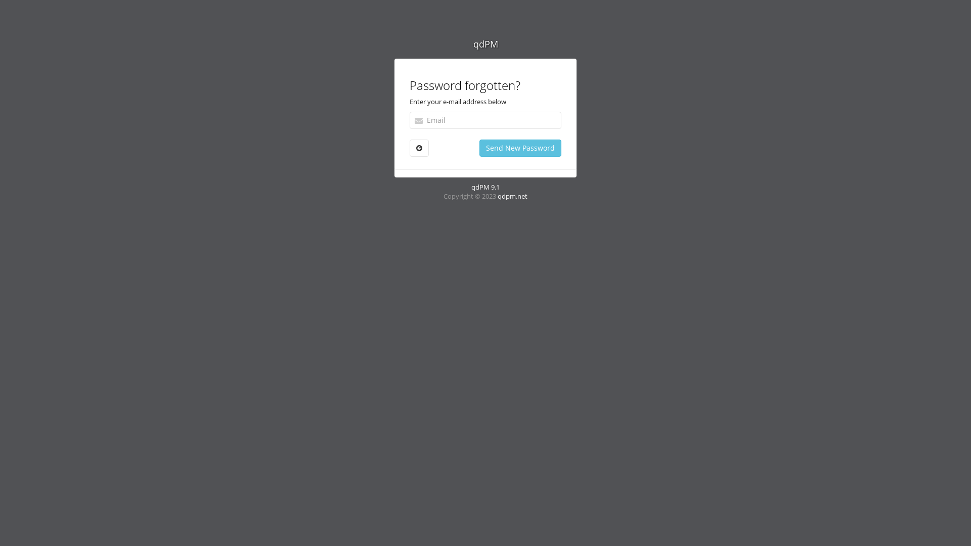 The width and height of the screenshot is (971, 546). I want to click on 'Send New Password', so click(479, 148).